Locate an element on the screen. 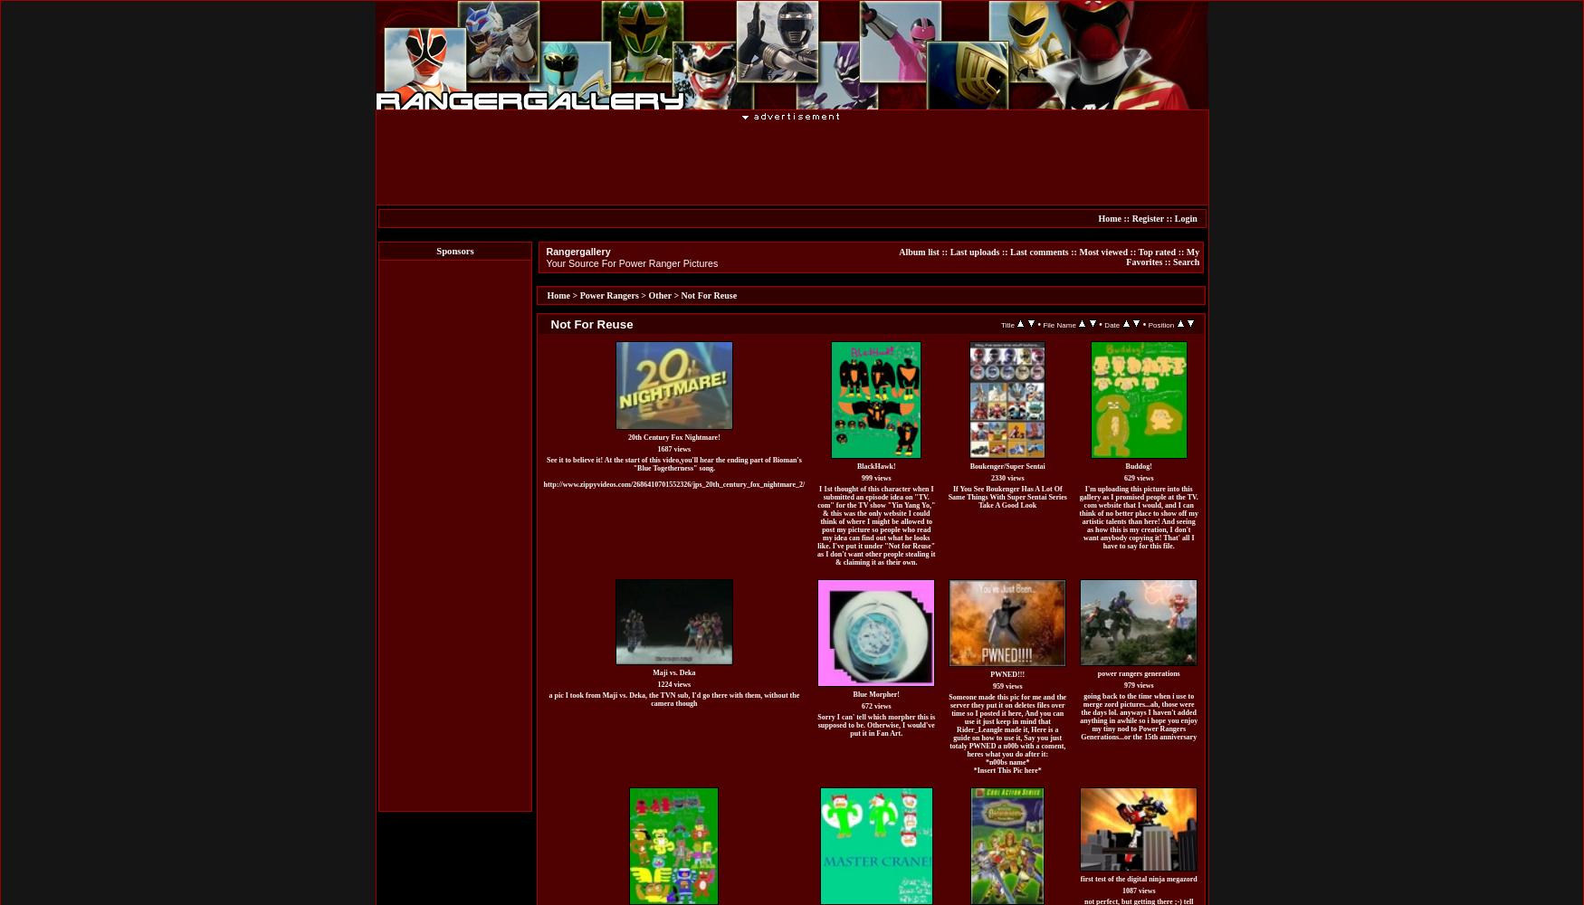  'See it to believe it! At the start of this video,you'll hear the ending part of Bioman's "Blue Togetherness" song.' is located at coordinates (673, 463).